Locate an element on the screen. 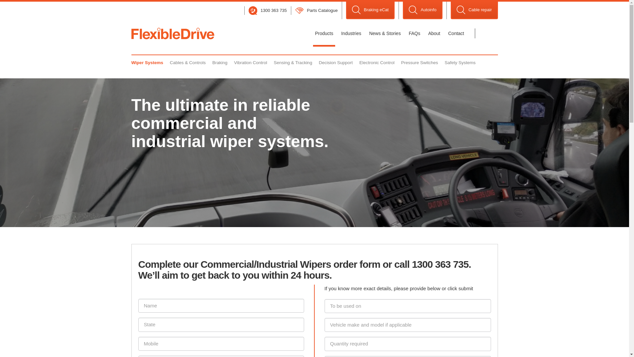 The width and height of the screenshot is (634, 357). '1300 363 735' is located at coordinates (268, 10).